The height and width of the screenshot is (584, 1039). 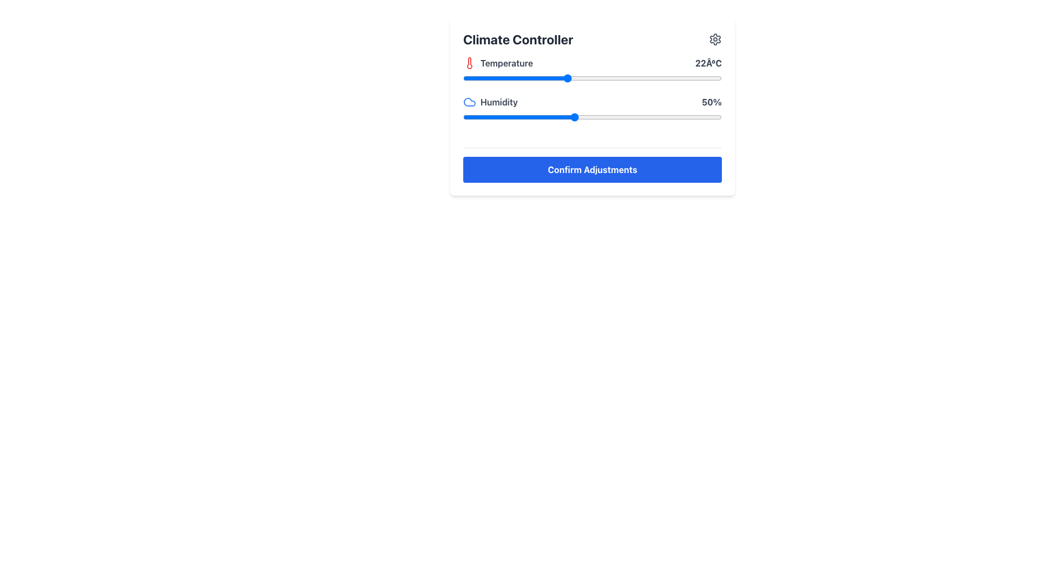 What do you see at coordinates (708, 63) in the screenshot?
I see `the text label displaying the current temperature setting in Celsius, located in the top-right corner of the 'Temperature' section` at bounding box center [708, 63].